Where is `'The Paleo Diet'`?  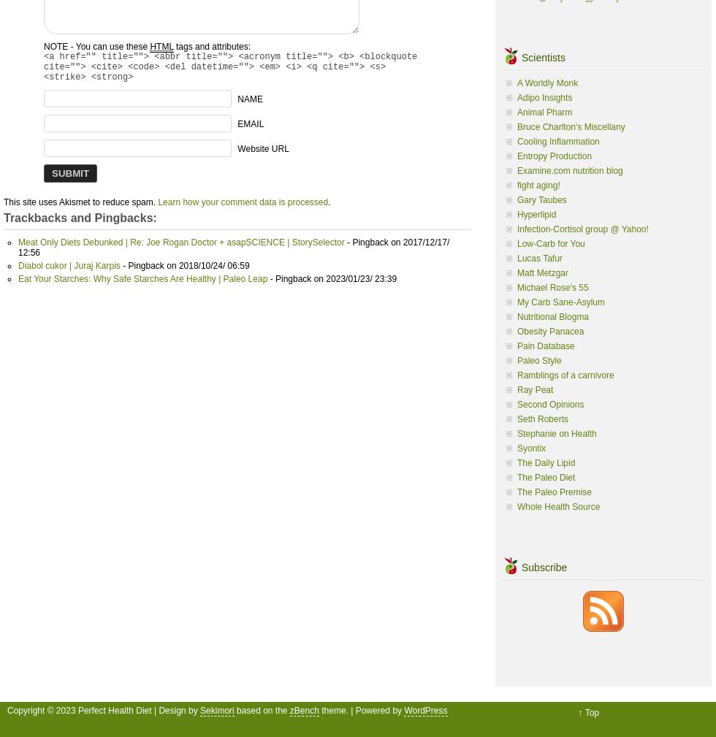 'The Paleo Diet' is located at coordinates (546, 477).